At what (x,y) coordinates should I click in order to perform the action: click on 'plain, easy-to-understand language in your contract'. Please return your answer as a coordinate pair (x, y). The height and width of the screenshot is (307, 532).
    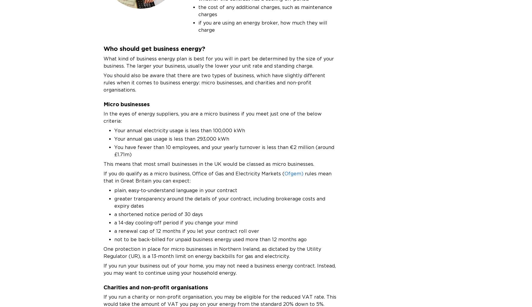
    Looking at the image, I should click on (114, 190).